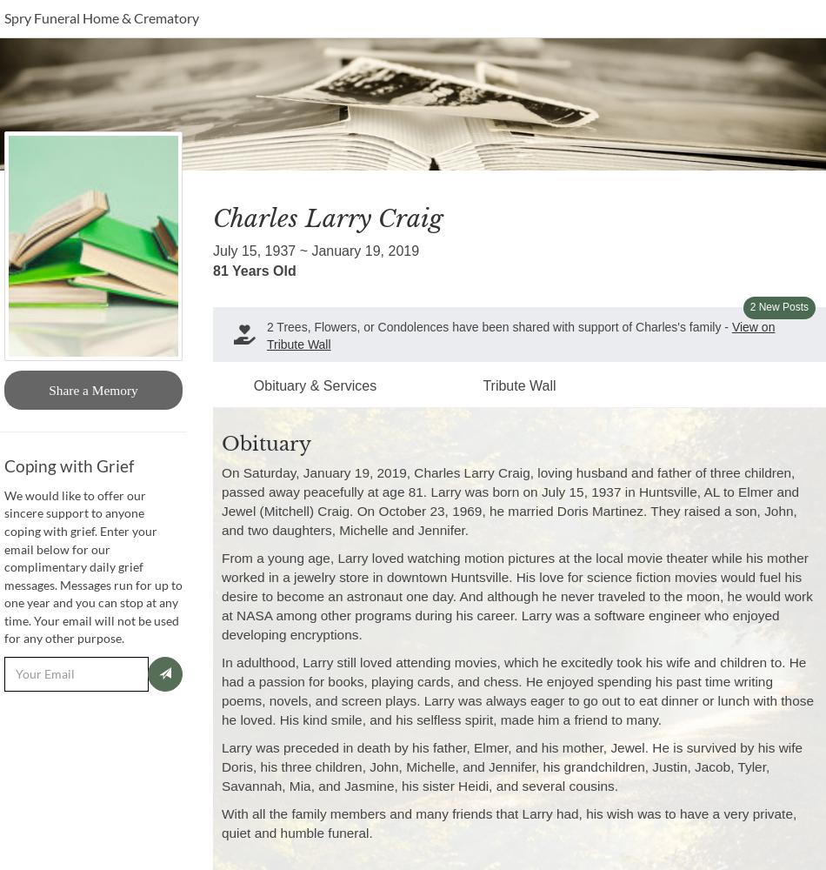 The width and height of the screenshot is (826, 870). Describe the element at coordinates (518, 385) in the screenshot. I see `'Tribute Wall'` at that location.